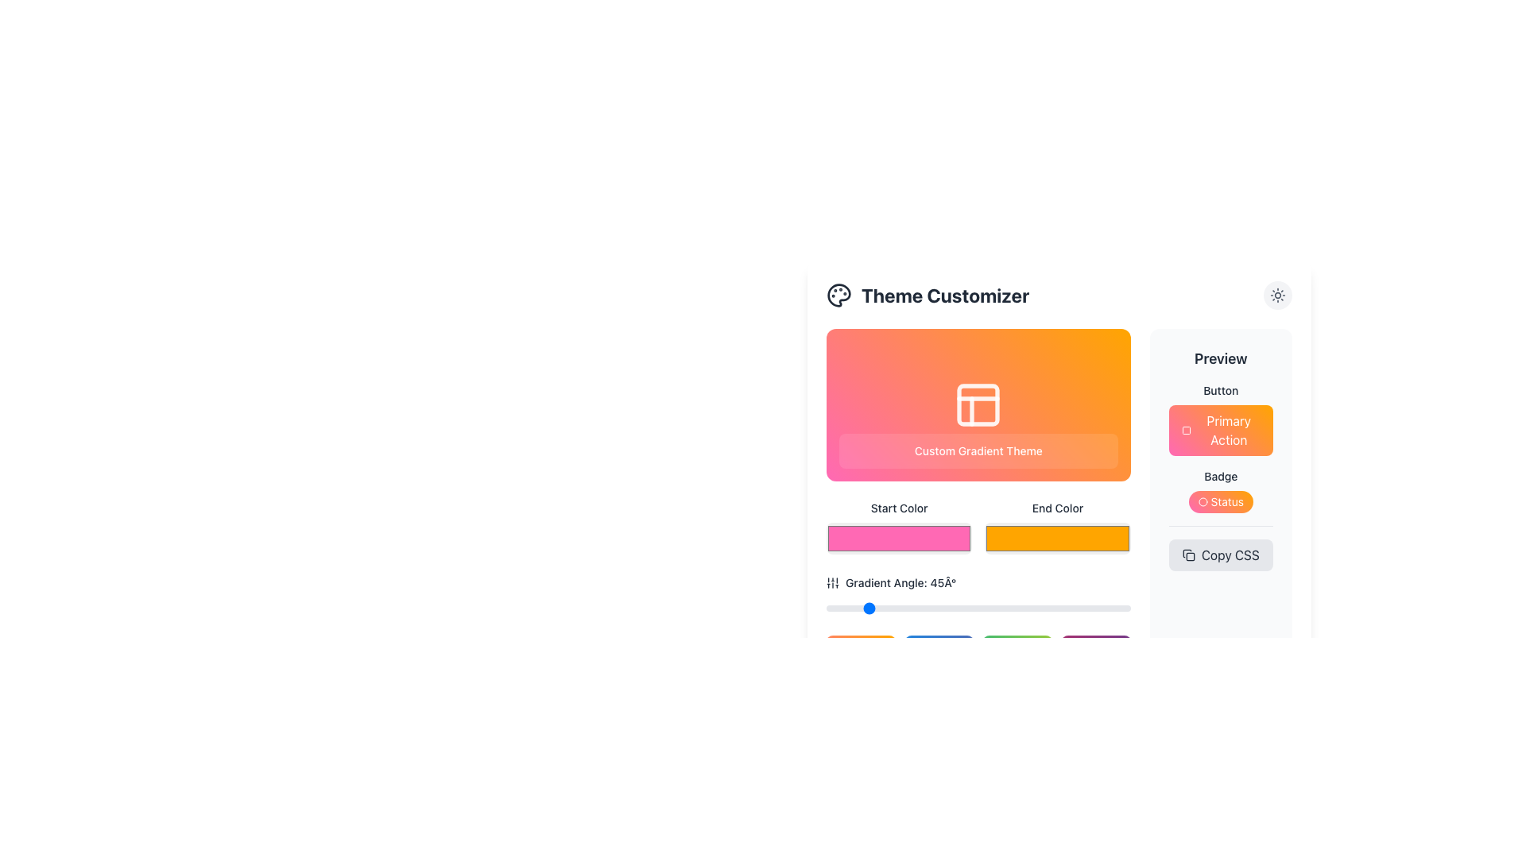 The height and width of the screenshot is (858, 1526). What do you see at coordinates (831, 582) in the screenshot?
I see `the settings slider icon located near the top-left corner inside the 'Gradient Angle: 45°' section header for reference` at bounding box center [831, 582].